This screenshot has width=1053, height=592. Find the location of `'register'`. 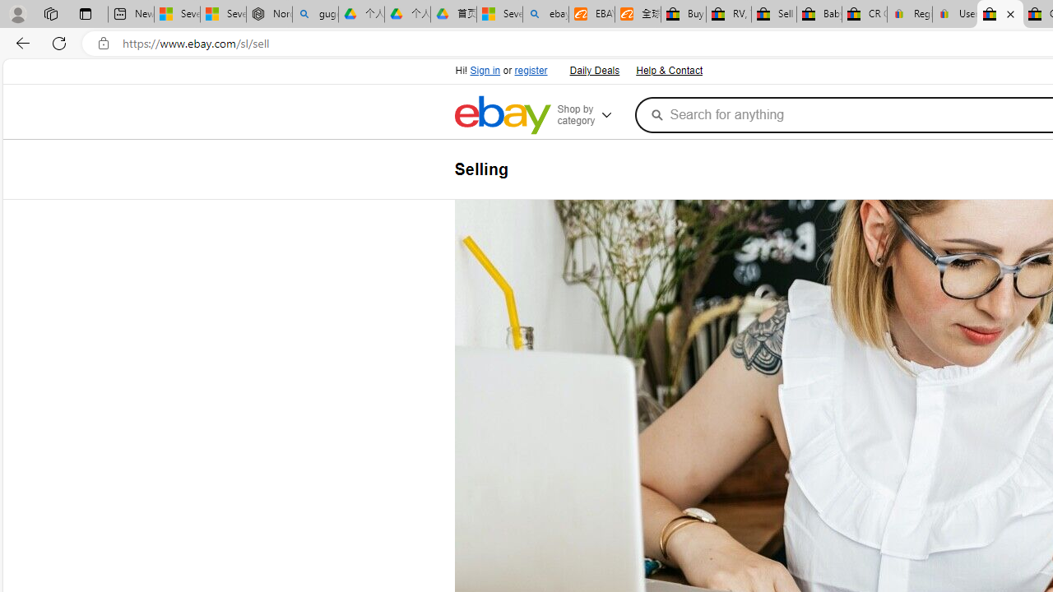

'register' is located at coordinates (531, 70).